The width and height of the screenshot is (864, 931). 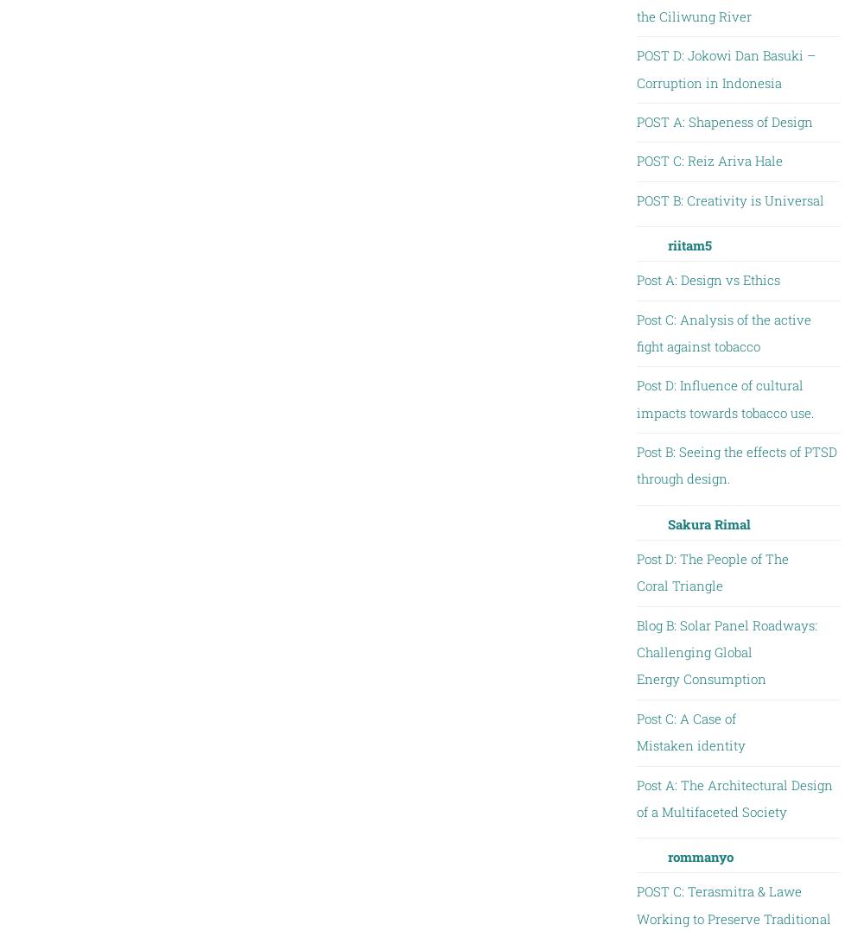 What do you see at coordinates (723, 122) in the screenshot?
I see `'POST A: Shapeness of Design'` at bounding box center [723, 122].